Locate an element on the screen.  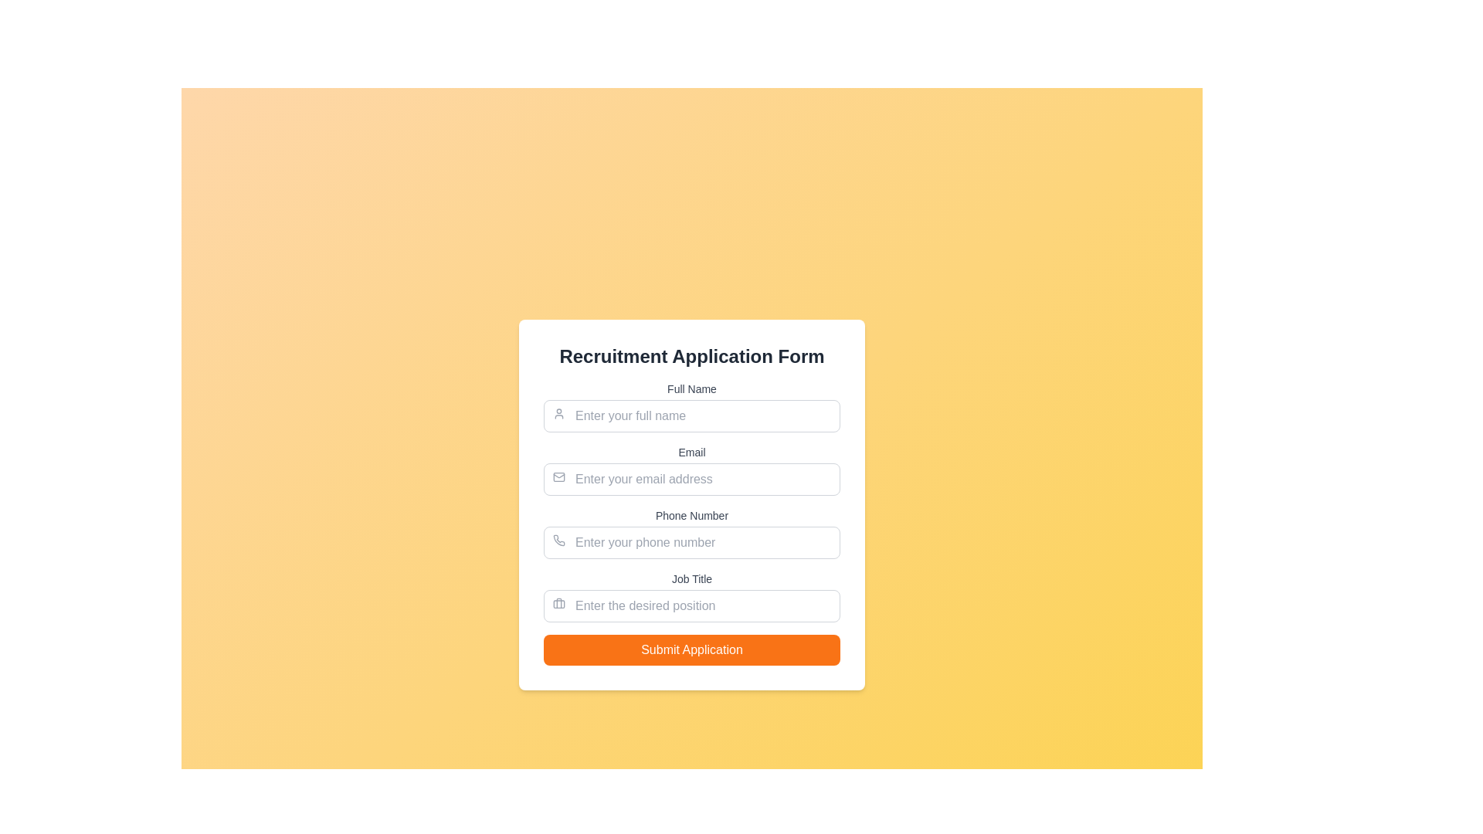
the third input field for phone number entry, located between the 'Email' input and 'Job Title' input, to focus on it is located at coordinates (691, 505).